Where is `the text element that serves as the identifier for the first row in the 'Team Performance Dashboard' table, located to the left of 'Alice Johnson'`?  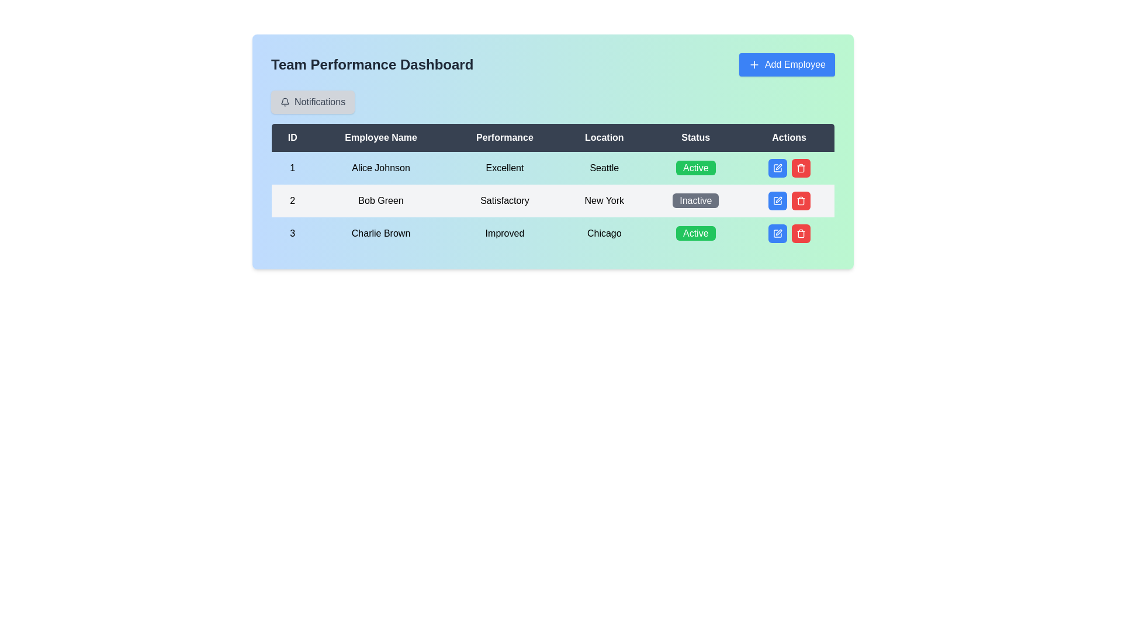 the text element that serves as the identifier for the first row in the 'Team Performance Dashboard' table, located to the left of 'Alice Johnson' is located at coordinates (292, 168).